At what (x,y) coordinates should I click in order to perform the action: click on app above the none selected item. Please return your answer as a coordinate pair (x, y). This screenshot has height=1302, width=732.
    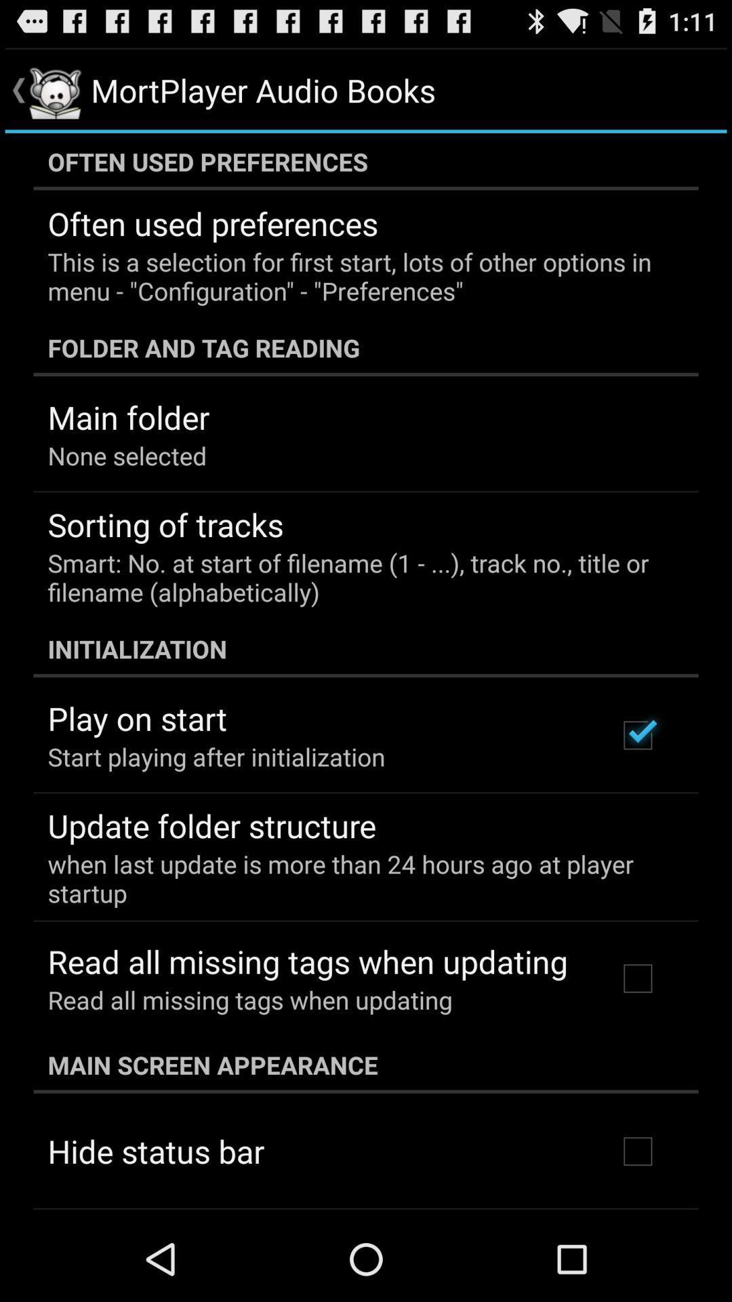
    Looking at the image, I should click on (128, 416).